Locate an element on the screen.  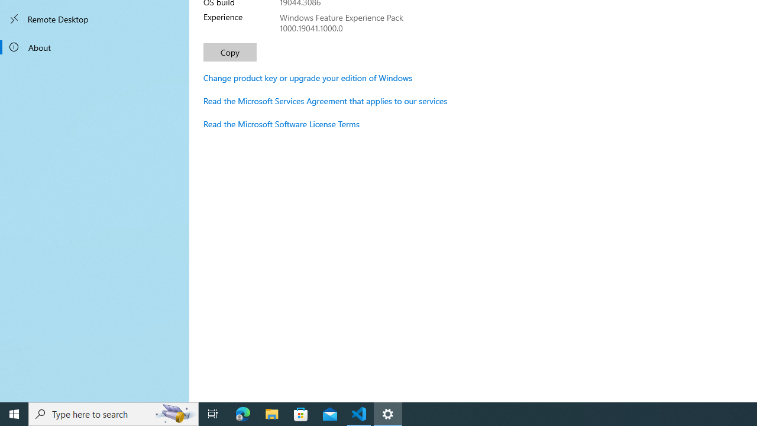
'About' is located at coordinates (95, 46).